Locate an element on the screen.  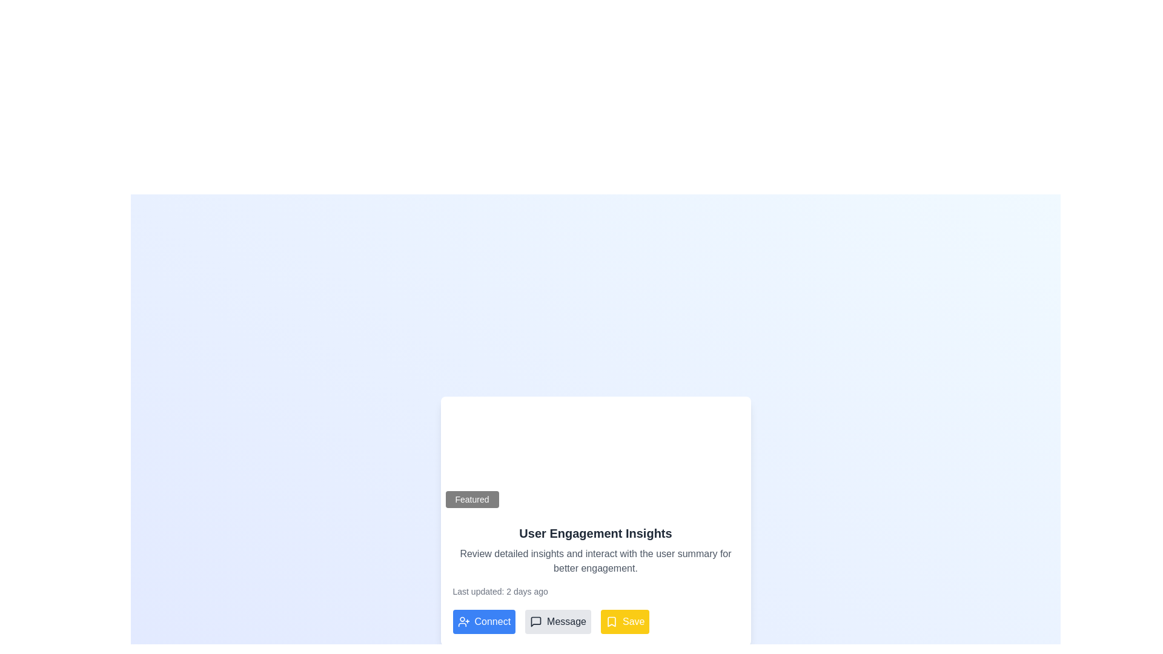
the 'Connect' button is located at coordinates (483, 621).